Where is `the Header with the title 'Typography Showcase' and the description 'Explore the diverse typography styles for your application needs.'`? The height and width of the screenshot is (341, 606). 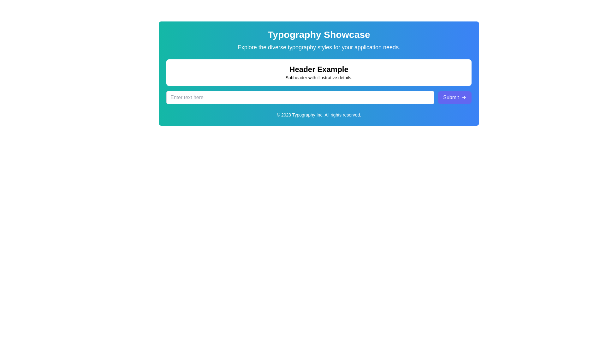
the Header with the title 'Typography Showcase' and the description 'Explore the diverse typography styles for your application needs.' is located at coordinates (319, 40).